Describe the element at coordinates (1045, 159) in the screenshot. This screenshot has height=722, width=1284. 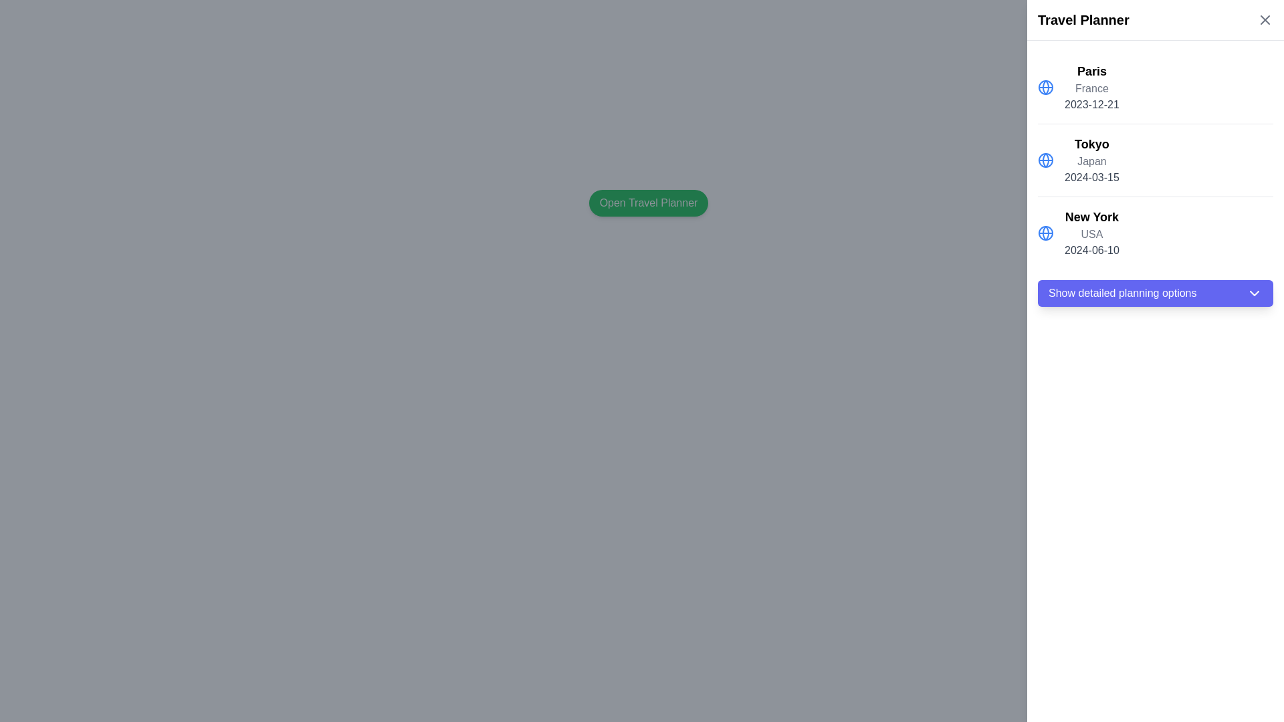
I see `the globe icon representing the 'Tokyo' destination in the travel destinations list` at that location.